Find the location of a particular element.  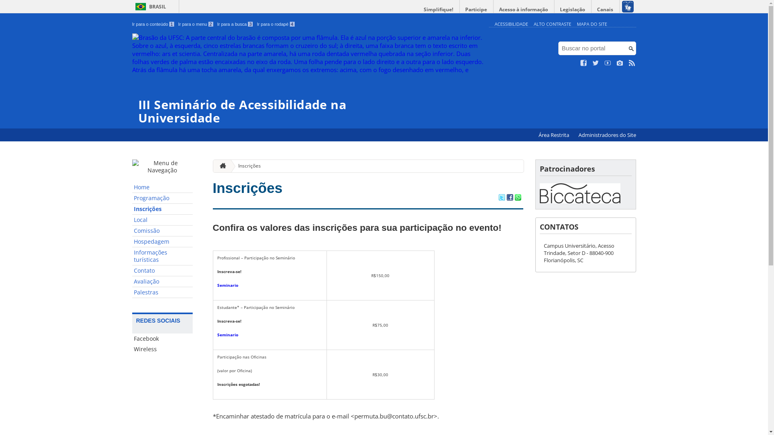

'Participe' is located at coordinates (460, 9).